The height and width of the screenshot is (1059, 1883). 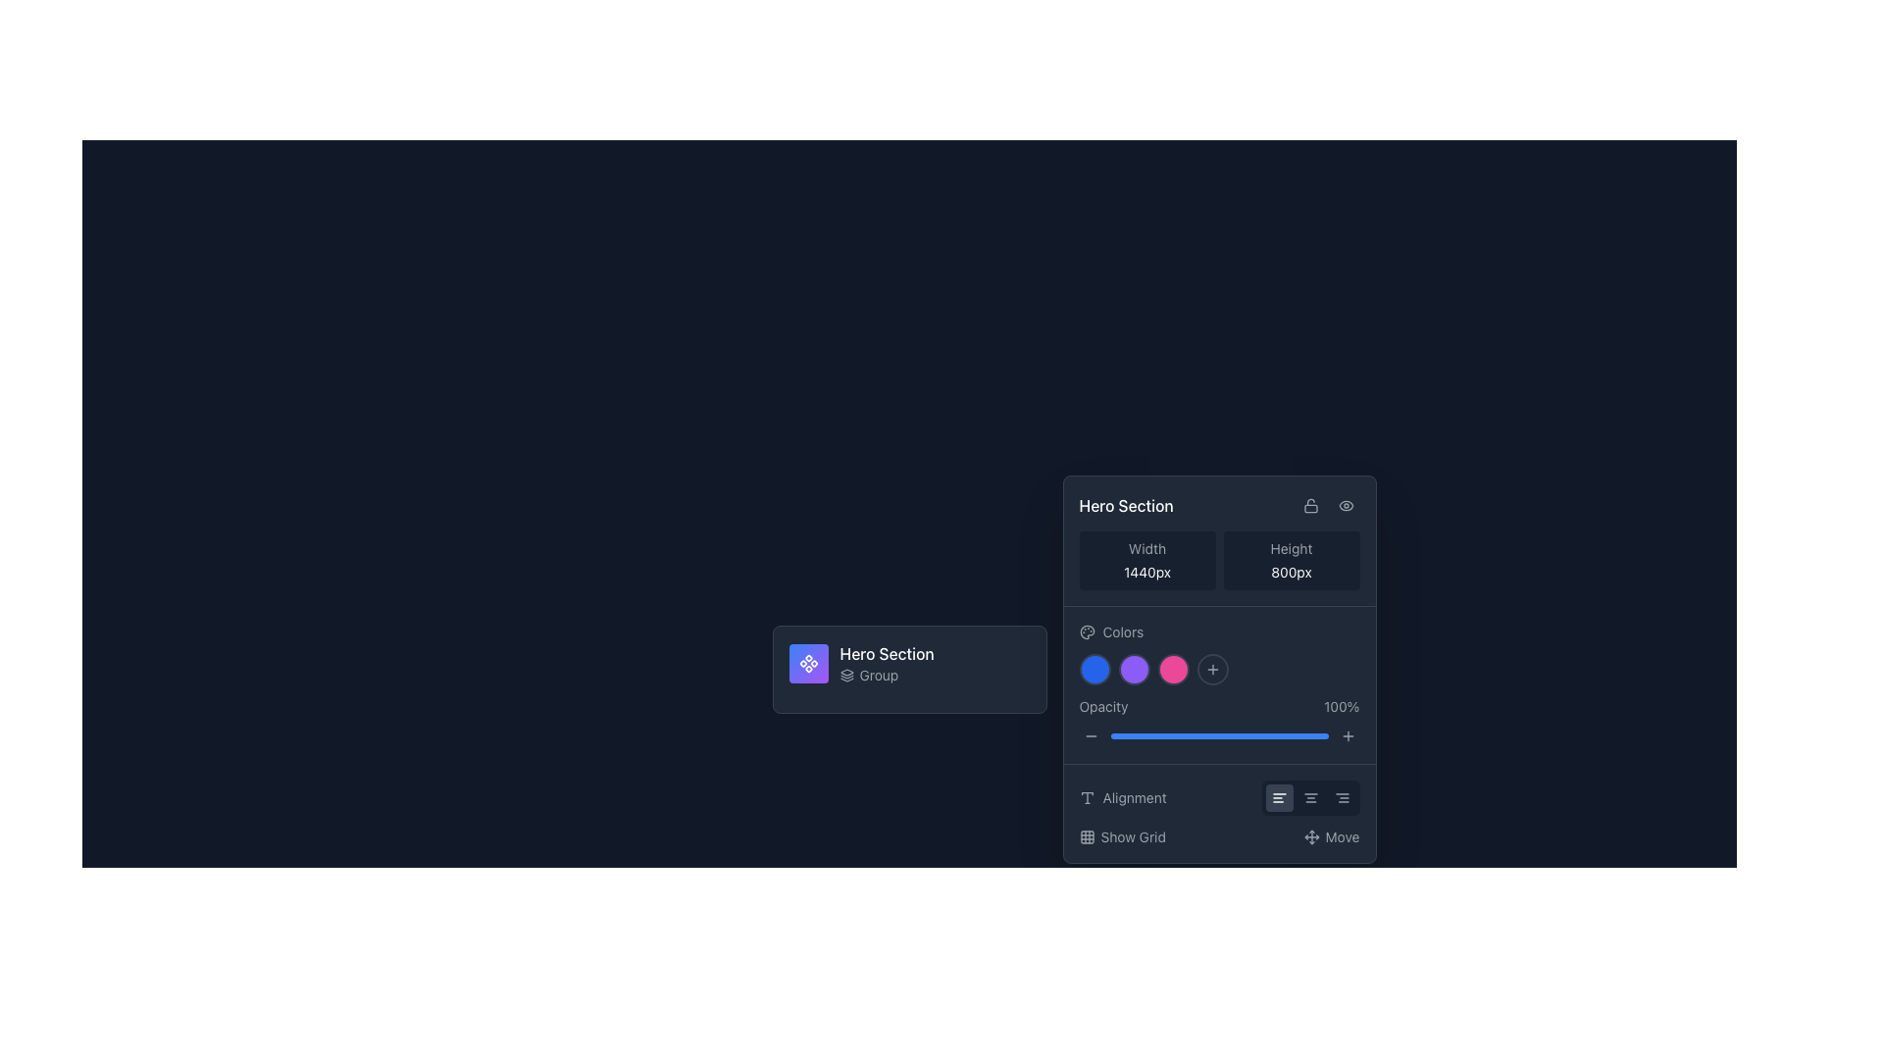 What do you see at coordinates (1310, 797) in the screenshot?
I see `the Icon button displaying three horizontal lines, which is styled with rounded corners and a gray color scheme` at bounding box center [1310, 797].